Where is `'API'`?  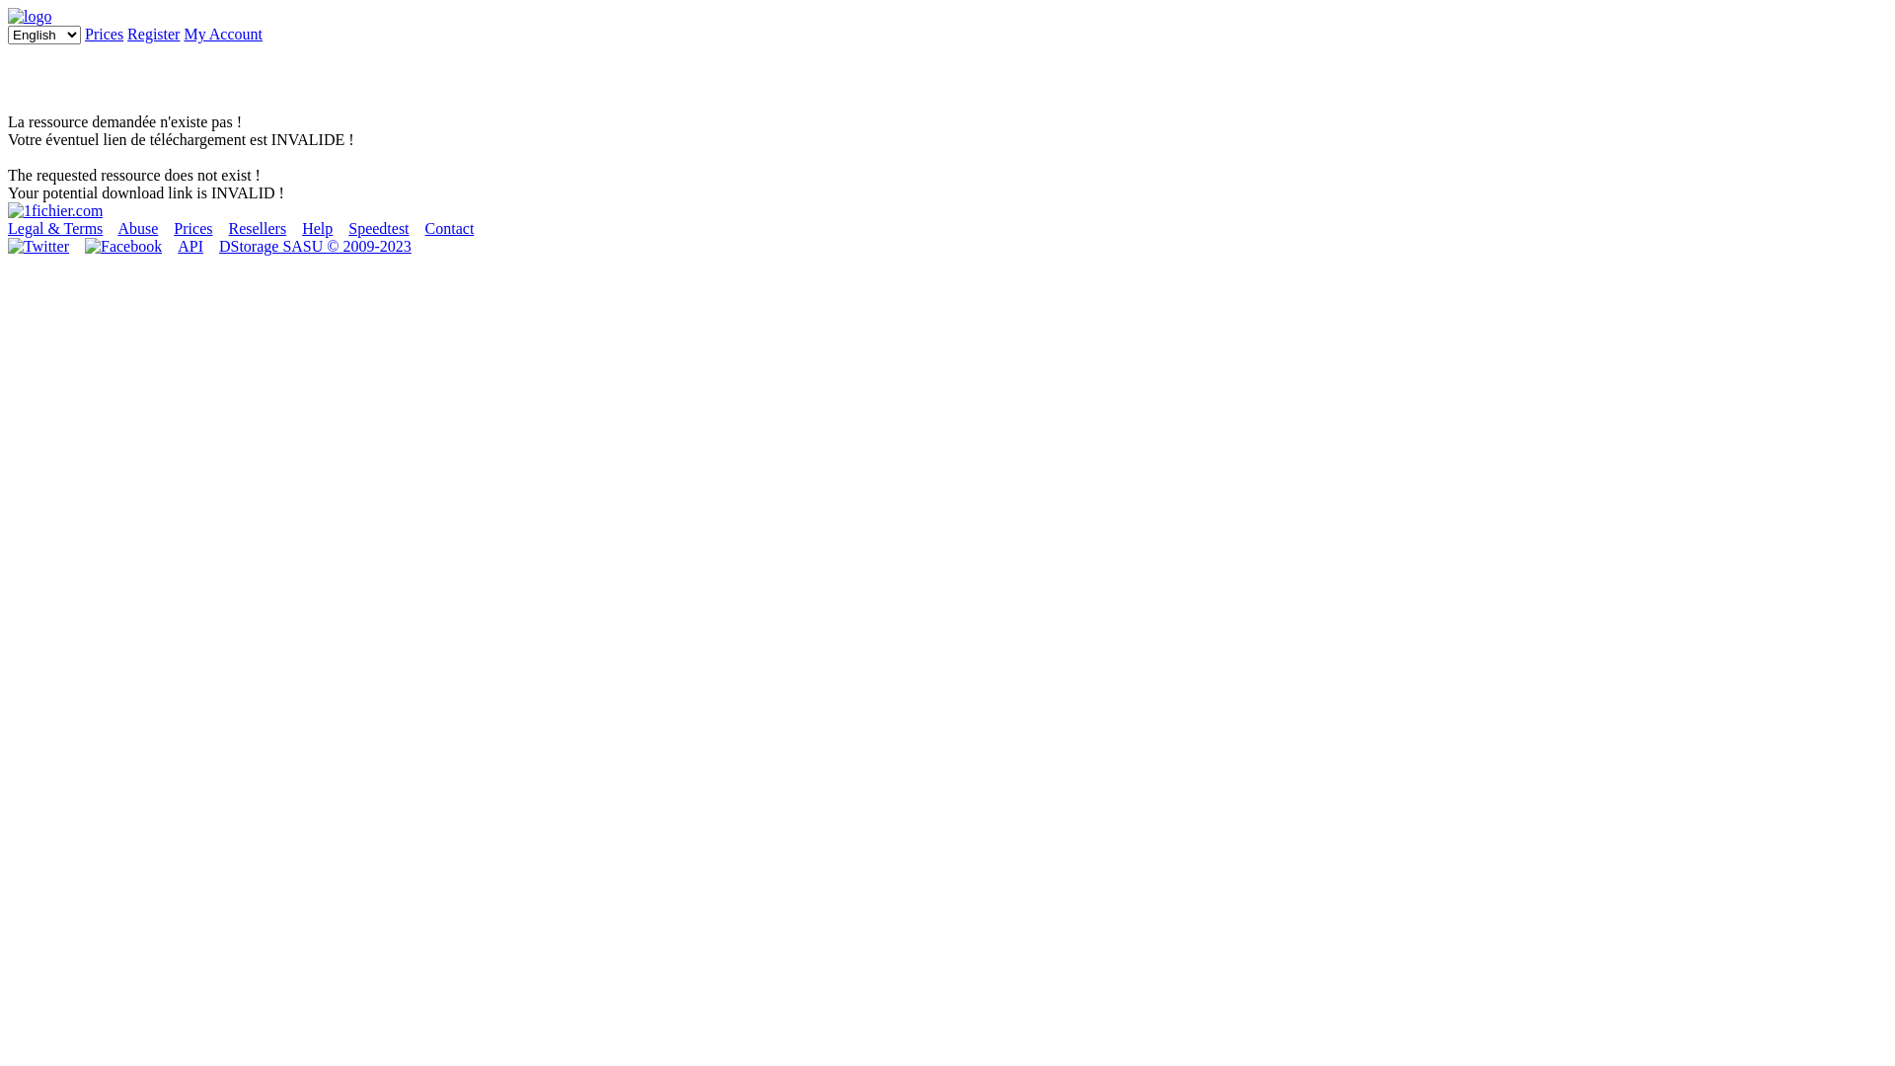
'API' is located at coordinates (189, 245).